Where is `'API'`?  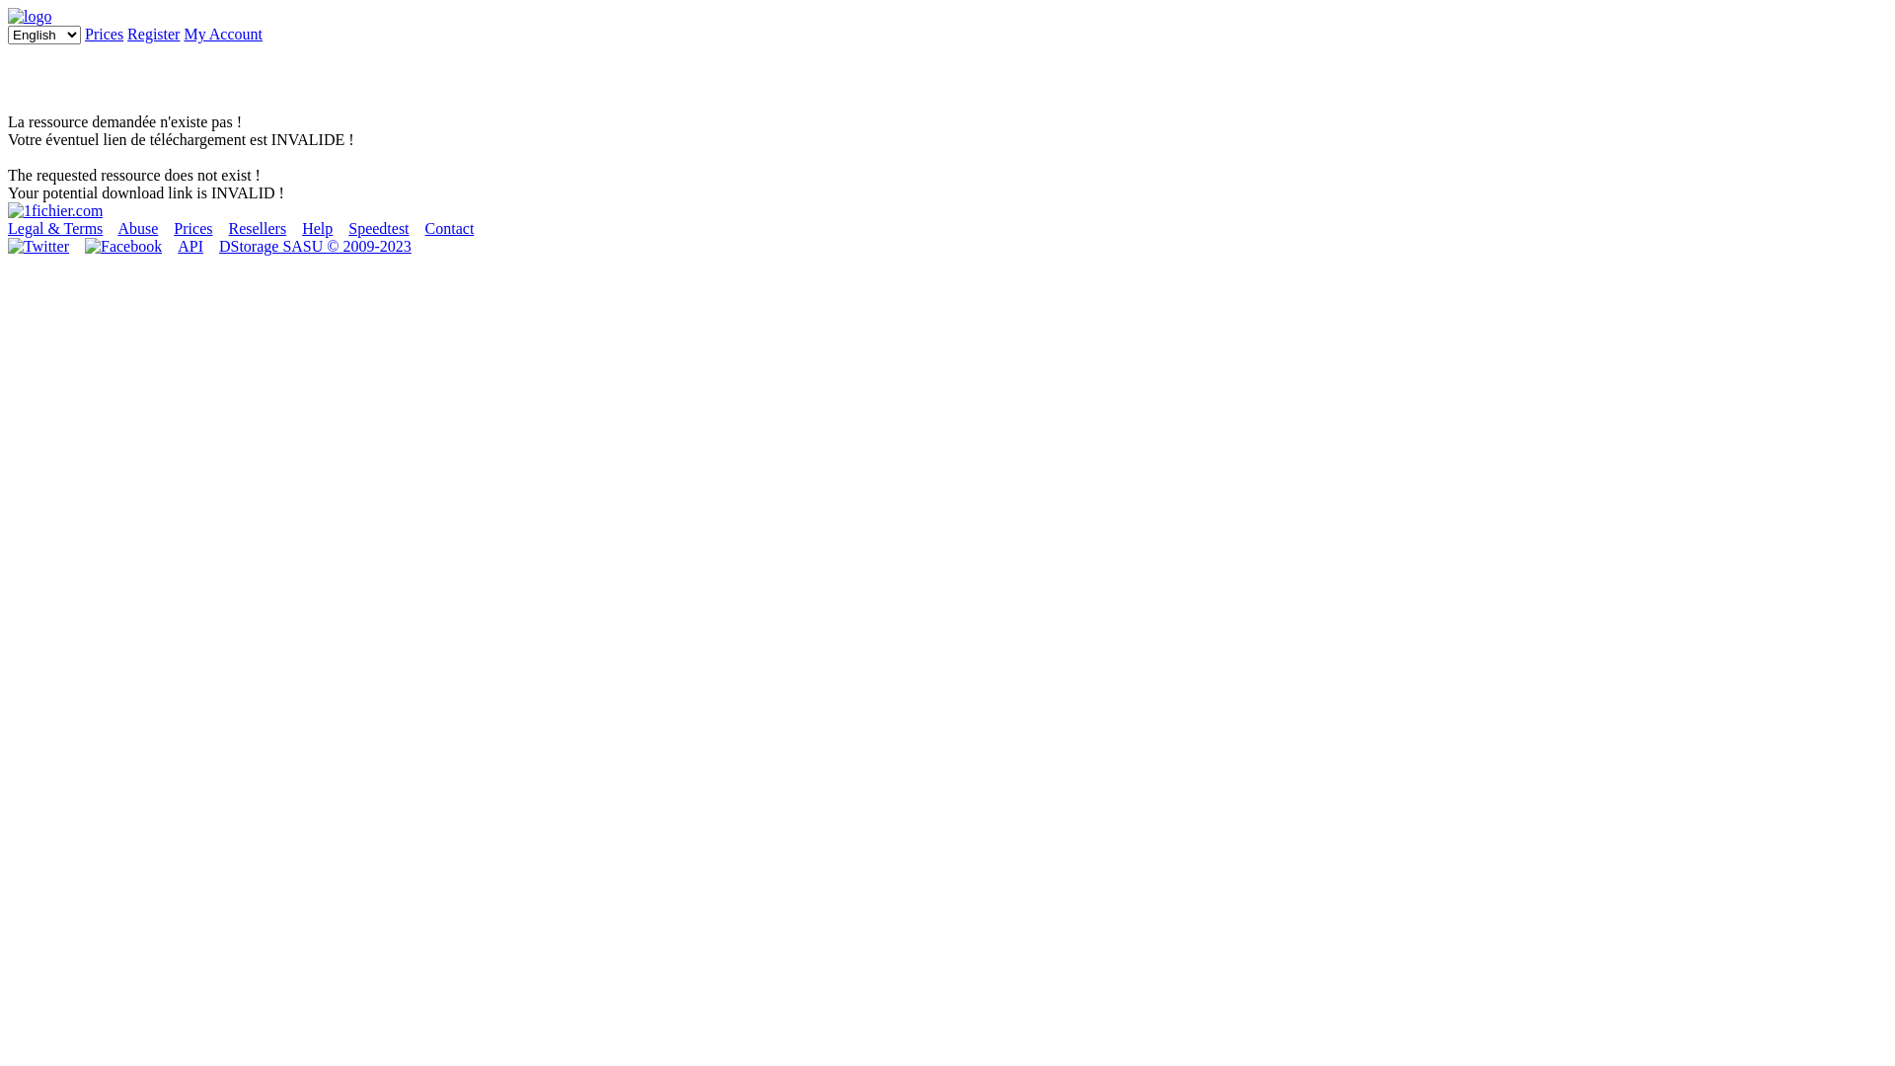
'API' is located at coordinates (189, 245).